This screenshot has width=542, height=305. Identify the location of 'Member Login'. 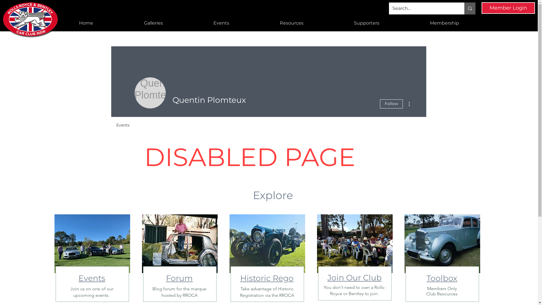
(508, 8).